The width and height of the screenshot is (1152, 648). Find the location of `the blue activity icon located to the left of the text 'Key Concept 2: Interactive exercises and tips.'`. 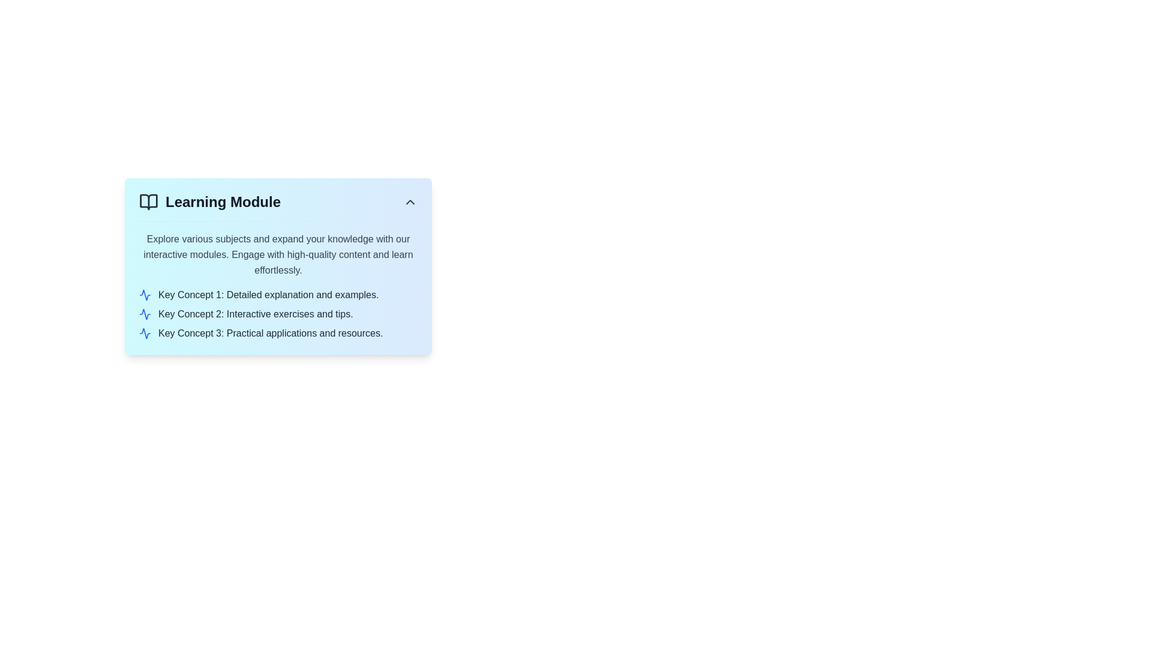

the blue activity icon located to the left of the text 'Key Concept 2: Interactive exercises and tips.' is located at coordinates (144, 314).